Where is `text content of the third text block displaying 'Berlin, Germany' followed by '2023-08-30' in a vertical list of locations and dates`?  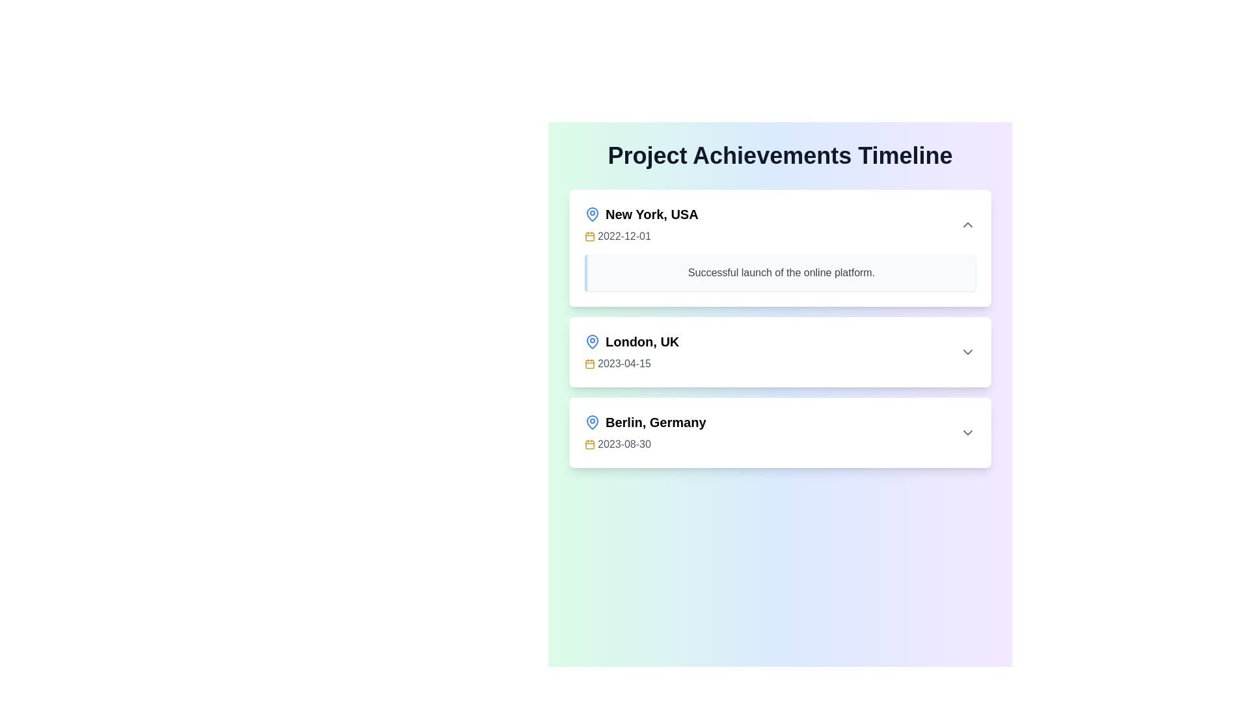
text content of the third text block displaying 'Berlin, Germany' followed by '2023-08-30' in a vertical list of locations and dates is located at coordinates (645, 433).